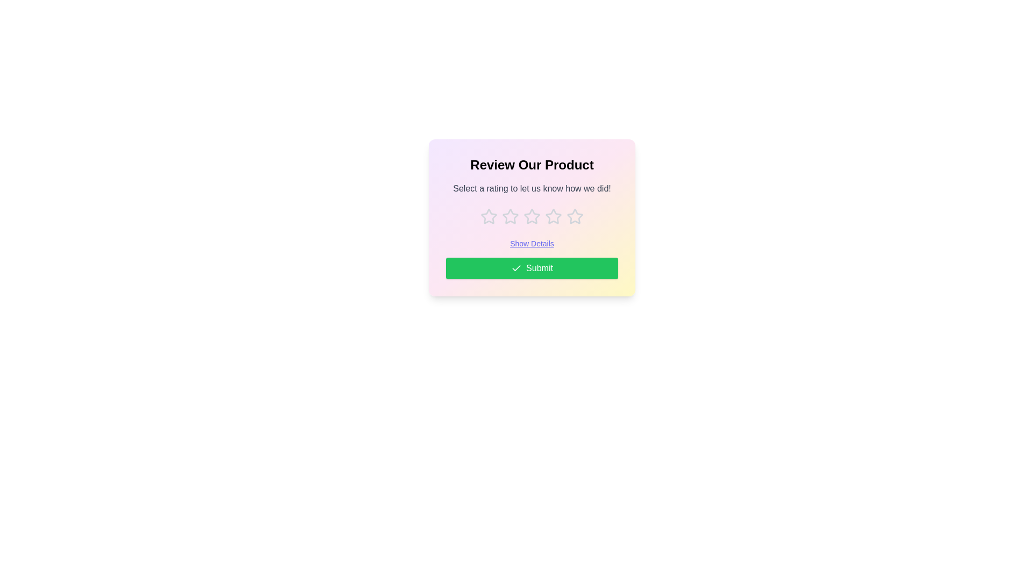 Image resolution: width=1033 pixels, height=581 pixels. Describe the element at coordinates (532, 267) in the screenshot. I see `the submit button to submit the selected rating` at that location.